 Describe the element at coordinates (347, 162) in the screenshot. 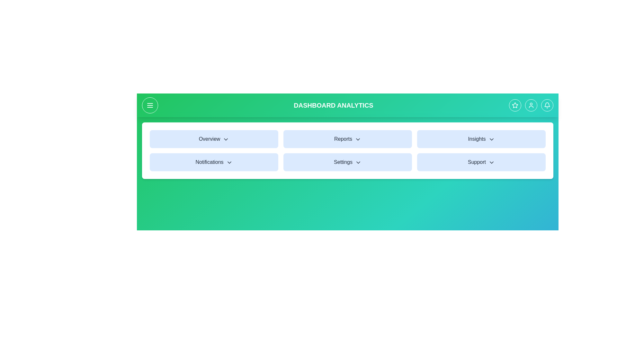

I see `the Settings menu item to open its dropdown` at that location.